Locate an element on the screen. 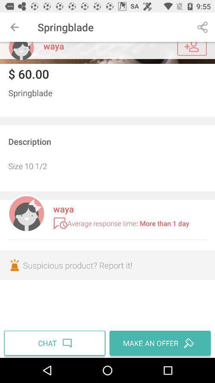 This screenshot has width=215, height=383. the avatar icon is located at coordinates (26, 212).